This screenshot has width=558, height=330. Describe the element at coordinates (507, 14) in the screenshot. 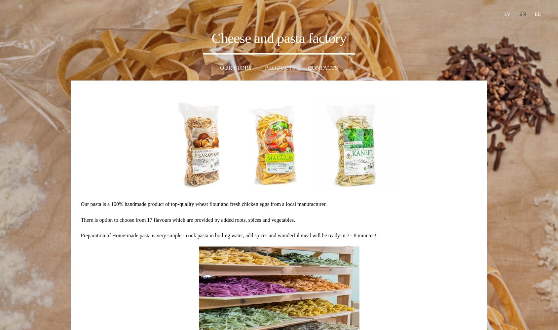

I see `'LV'` at that location.